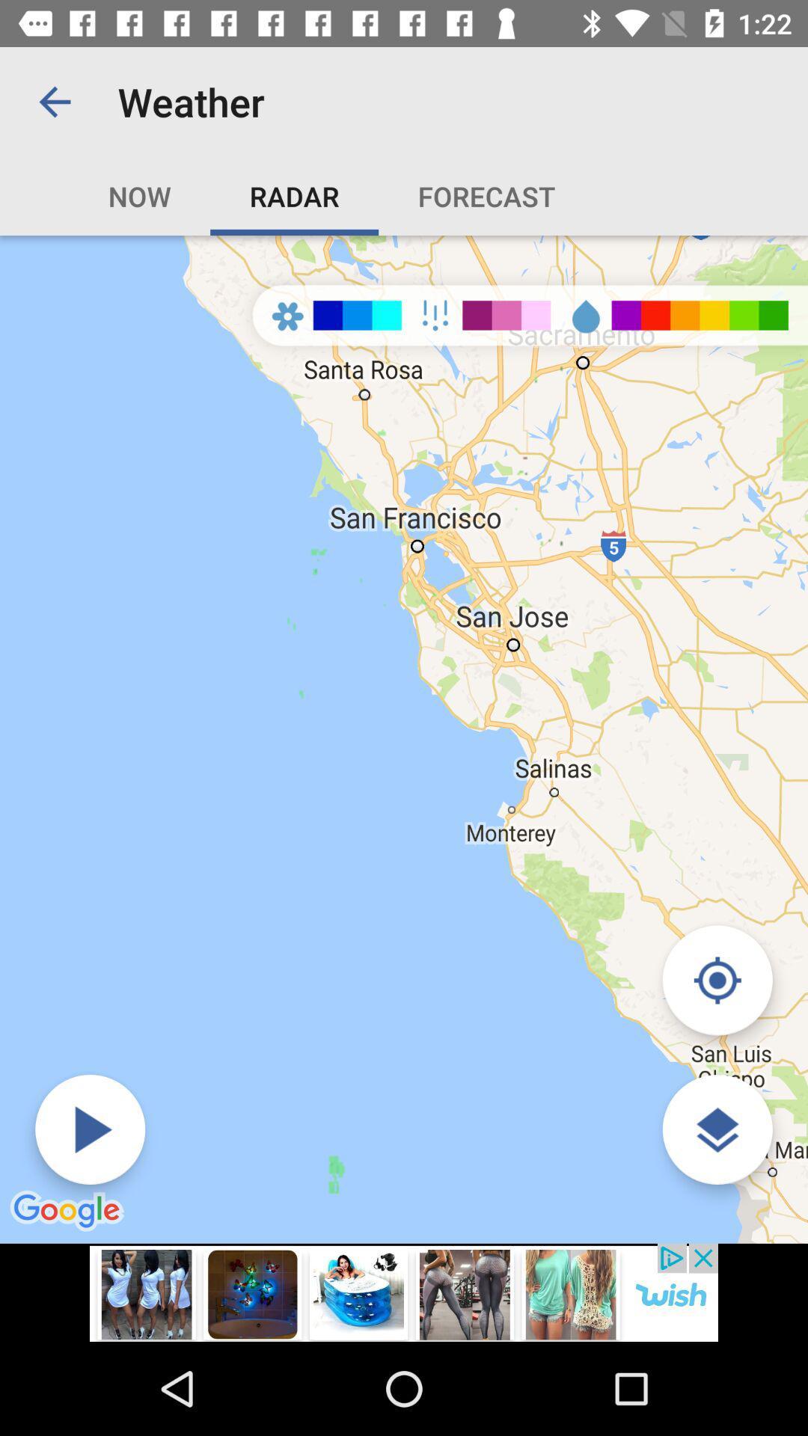 The height and width of the screenshot is (1436, 808). I want to click on the play icon, so click(90, 1129).